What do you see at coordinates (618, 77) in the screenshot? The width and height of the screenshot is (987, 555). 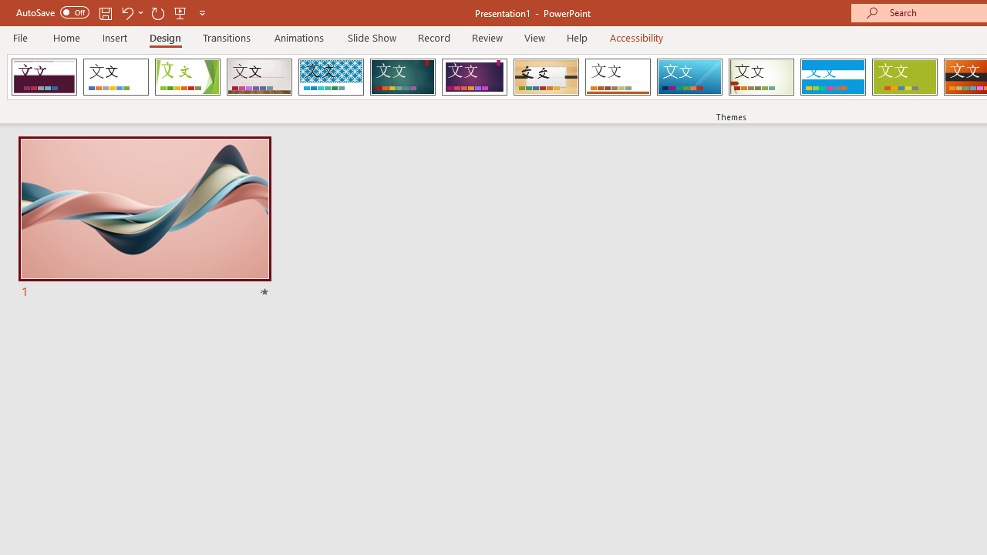 I see `'Retrospect'` at bounding box center [618, 77].